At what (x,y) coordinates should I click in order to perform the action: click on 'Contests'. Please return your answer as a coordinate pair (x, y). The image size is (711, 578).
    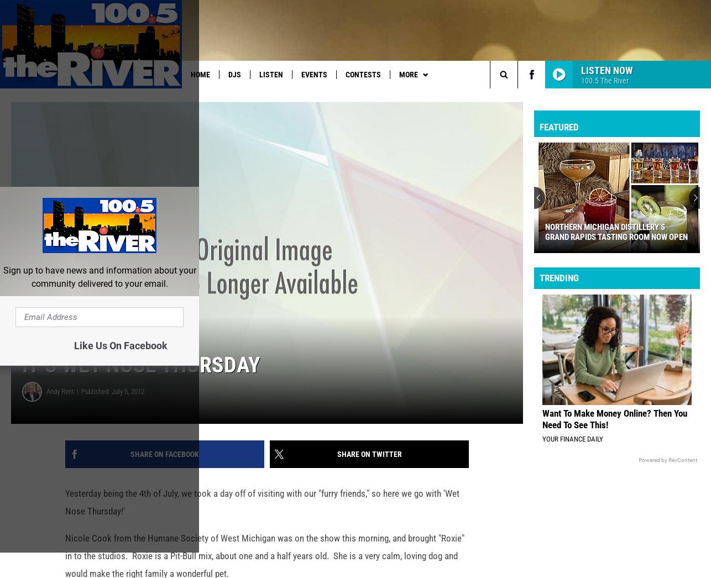
    Looking at the image, I should click on (362, 74).